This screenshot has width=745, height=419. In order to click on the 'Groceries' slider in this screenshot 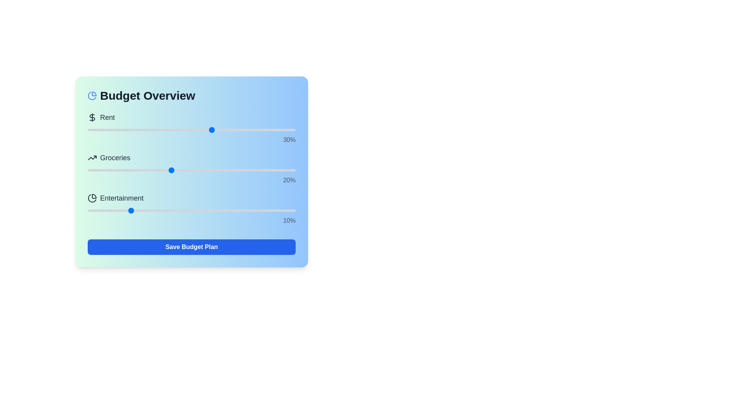, I will do `click(217, 170)`.